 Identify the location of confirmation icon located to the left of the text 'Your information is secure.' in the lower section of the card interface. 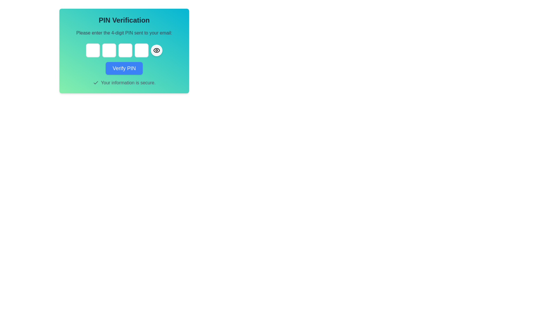
(96, 83).